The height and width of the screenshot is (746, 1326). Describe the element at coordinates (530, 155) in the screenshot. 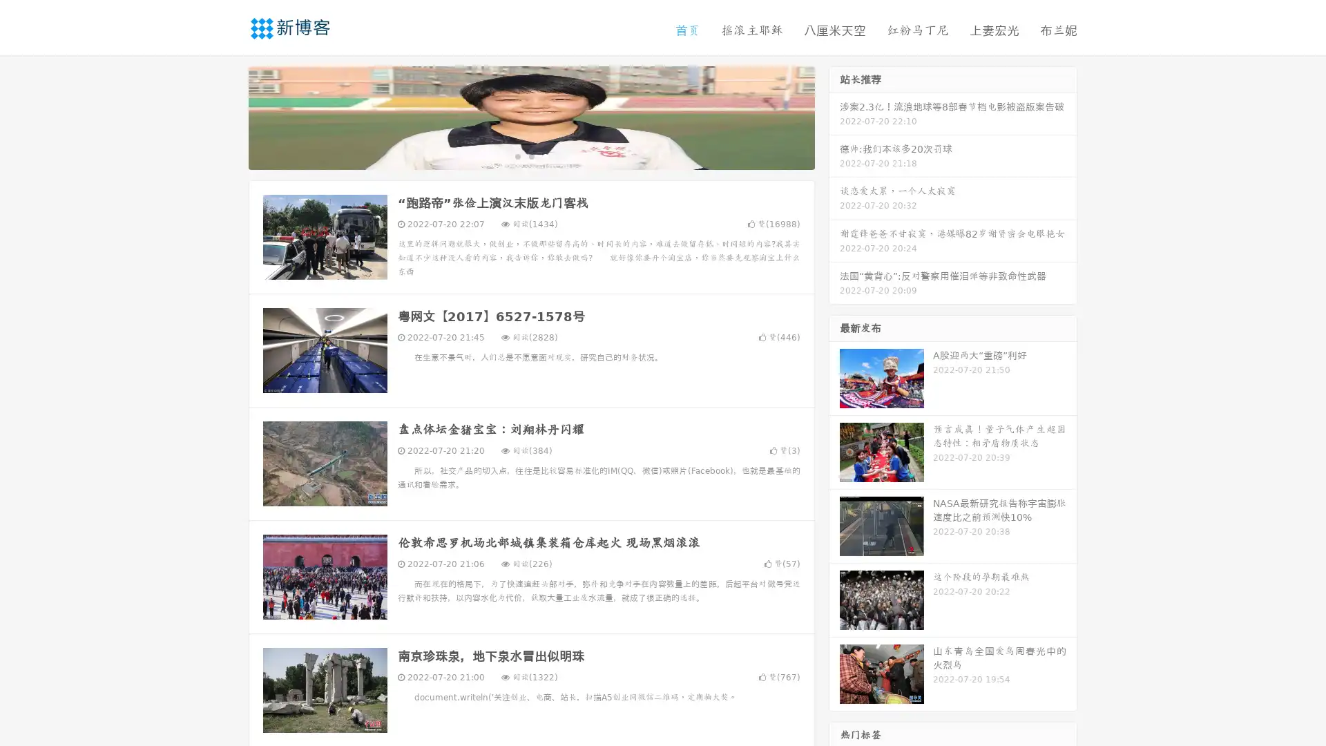

I see `Go to slide 2` at that location.